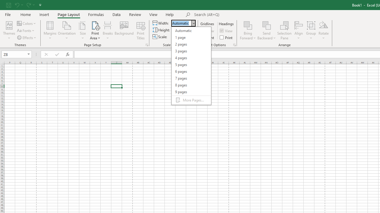 The width and height of the screenshot is (380, 213). I want to click on 'Orientation', so click(67, 30).